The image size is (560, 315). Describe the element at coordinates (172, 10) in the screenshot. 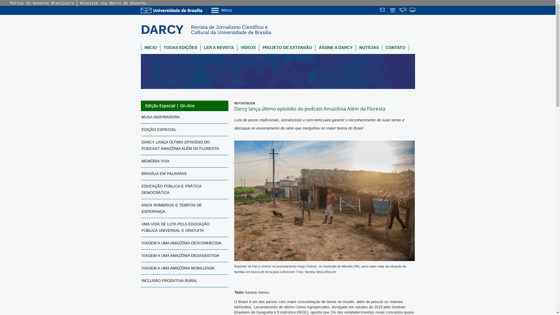

I see `'Ir para o Portal da UnB'` at that location.